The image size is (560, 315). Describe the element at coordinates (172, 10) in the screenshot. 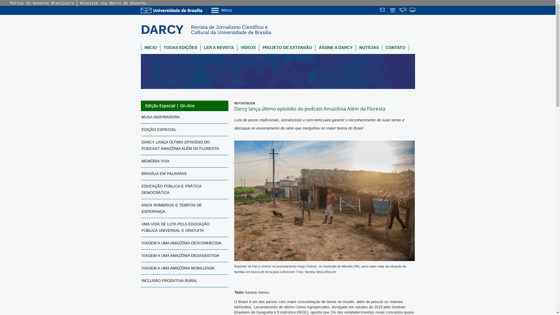

I see `'Ir para o Portal da UnB'` at that location.